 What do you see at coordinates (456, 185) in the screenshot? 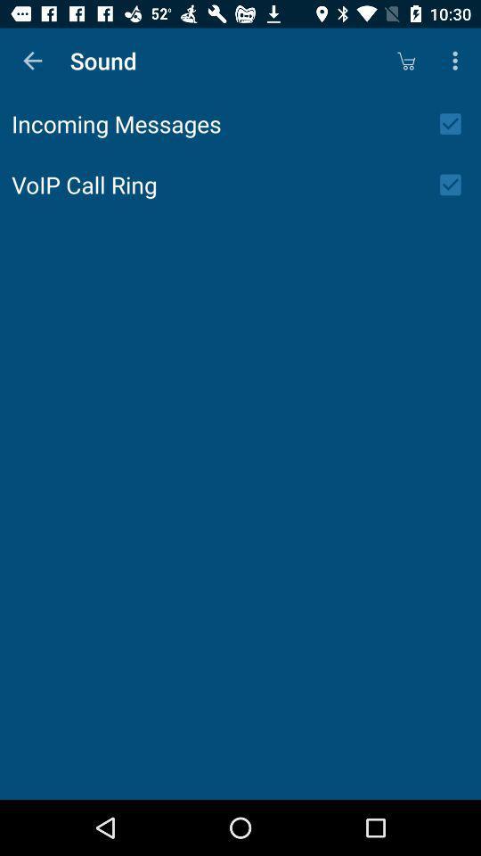
I see `the icon to the right of voip call ring` at bounding box center [456, 185].